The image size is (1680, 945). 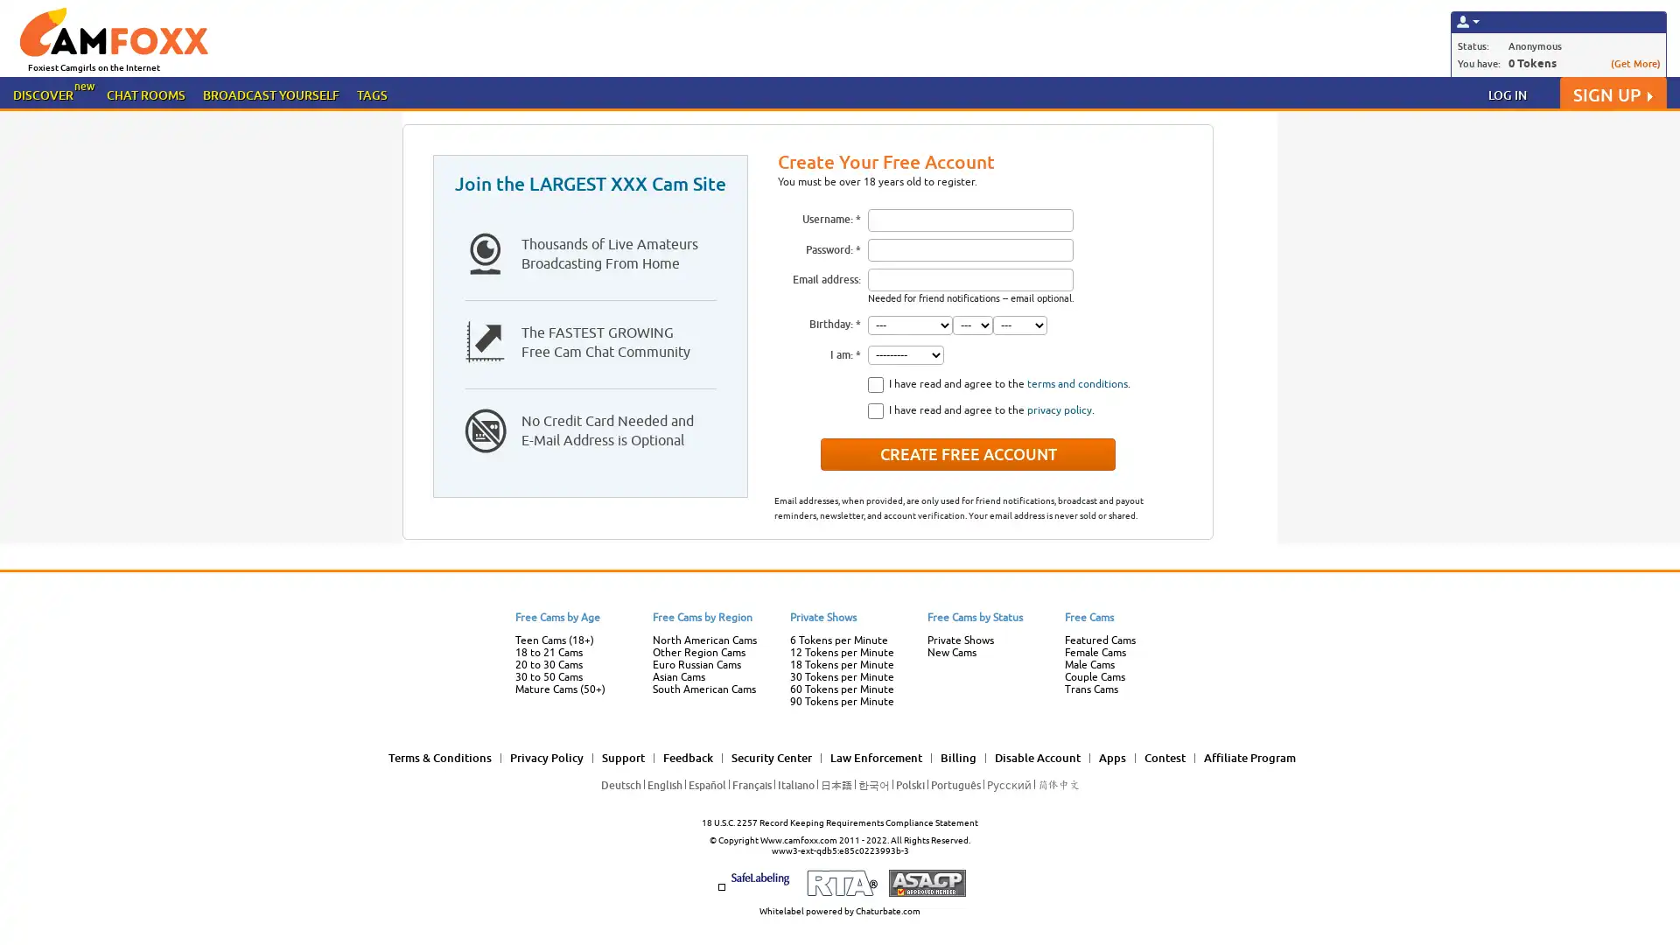 I want to click on Deutsch, so click(x=621, y=785).